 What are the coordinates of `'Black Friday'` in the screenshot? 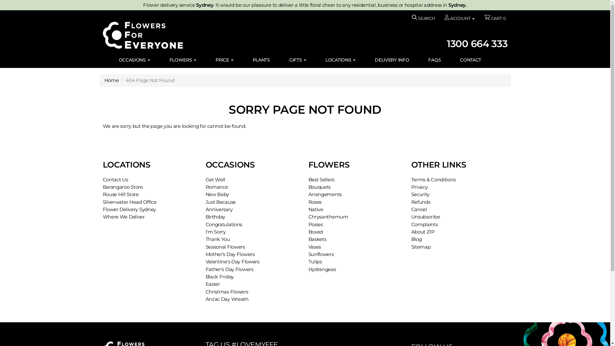 It's located at (206, 276).